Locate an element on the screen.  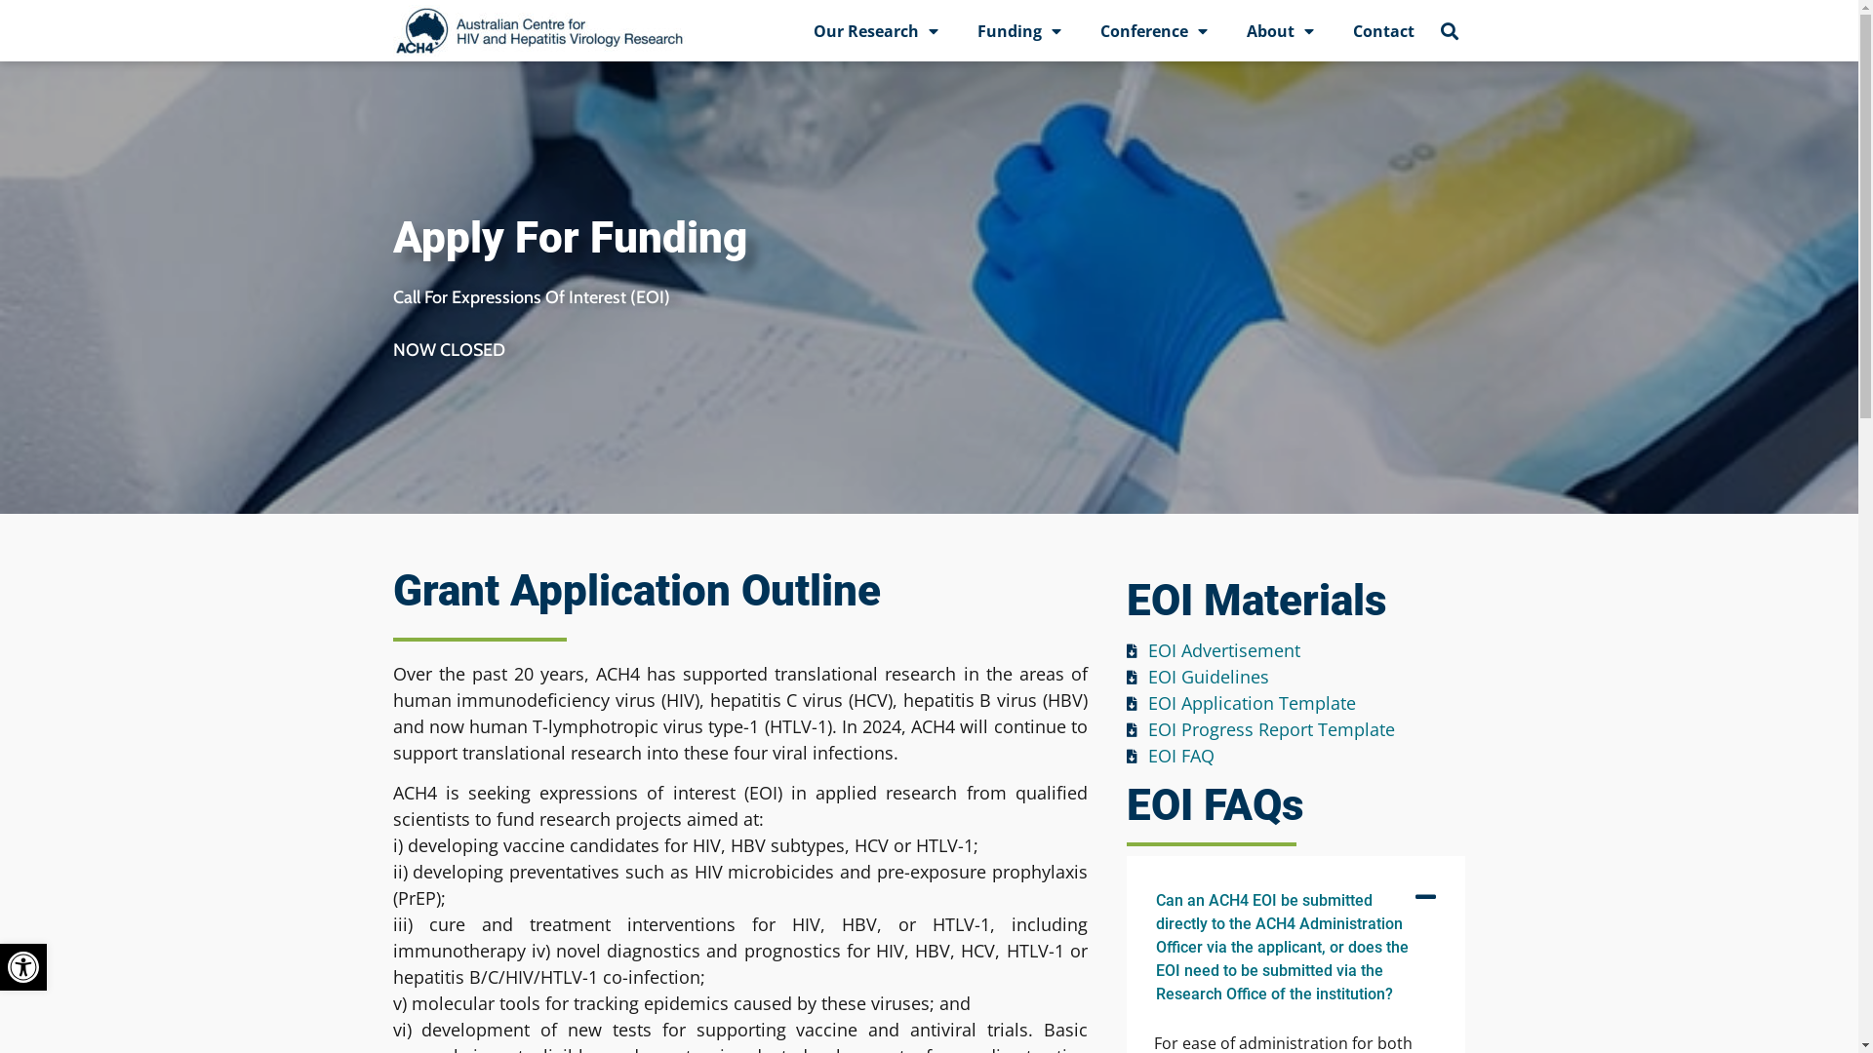
'Our Research' is located at coordinates (874, 30).